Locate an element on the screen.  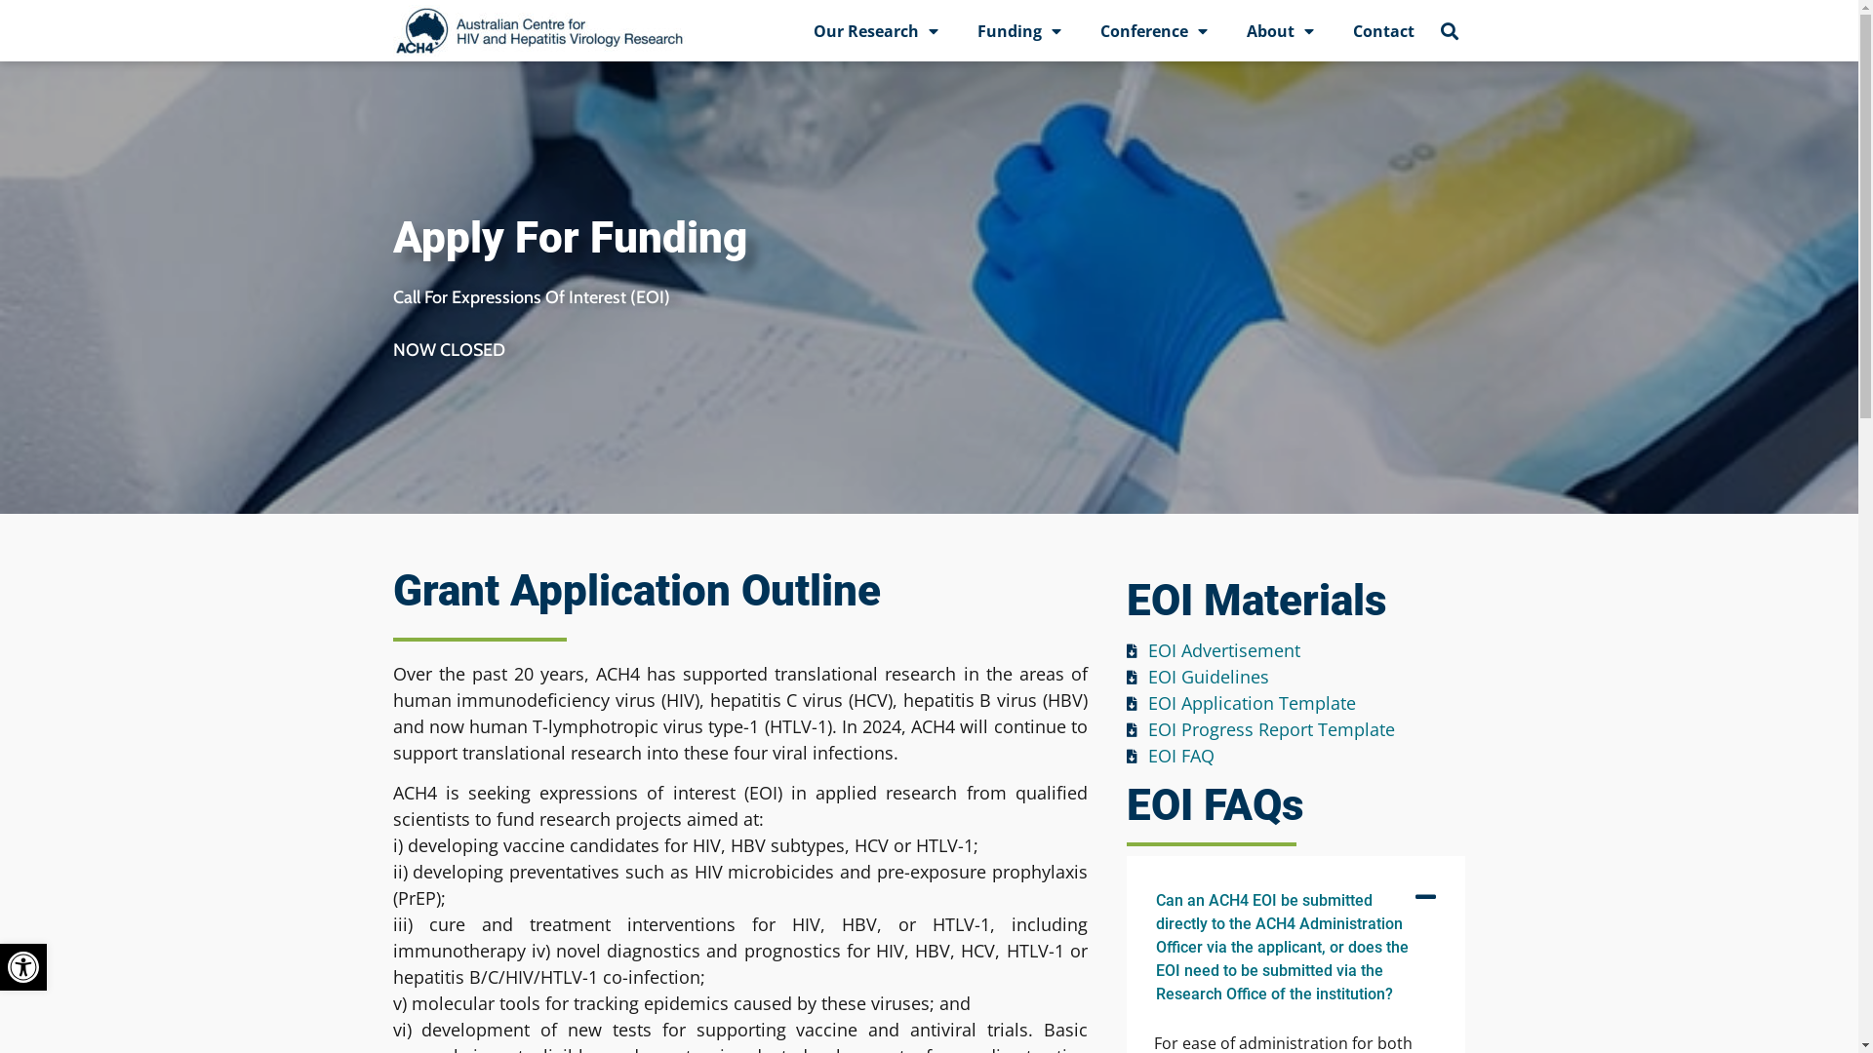
'Our Research' is located at coordinates (874, 30).